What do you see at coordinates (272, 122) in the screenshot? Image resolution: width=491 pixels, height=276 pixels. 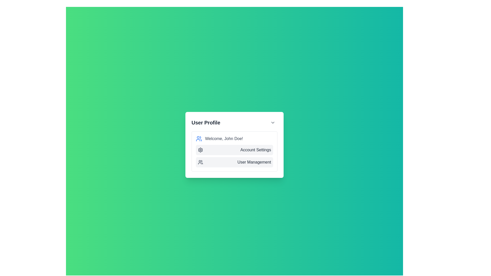 I see `the Icon (Chevron Down) located in the top-right corner of the 'User Profile' panel` at bounding box center [272, 122].